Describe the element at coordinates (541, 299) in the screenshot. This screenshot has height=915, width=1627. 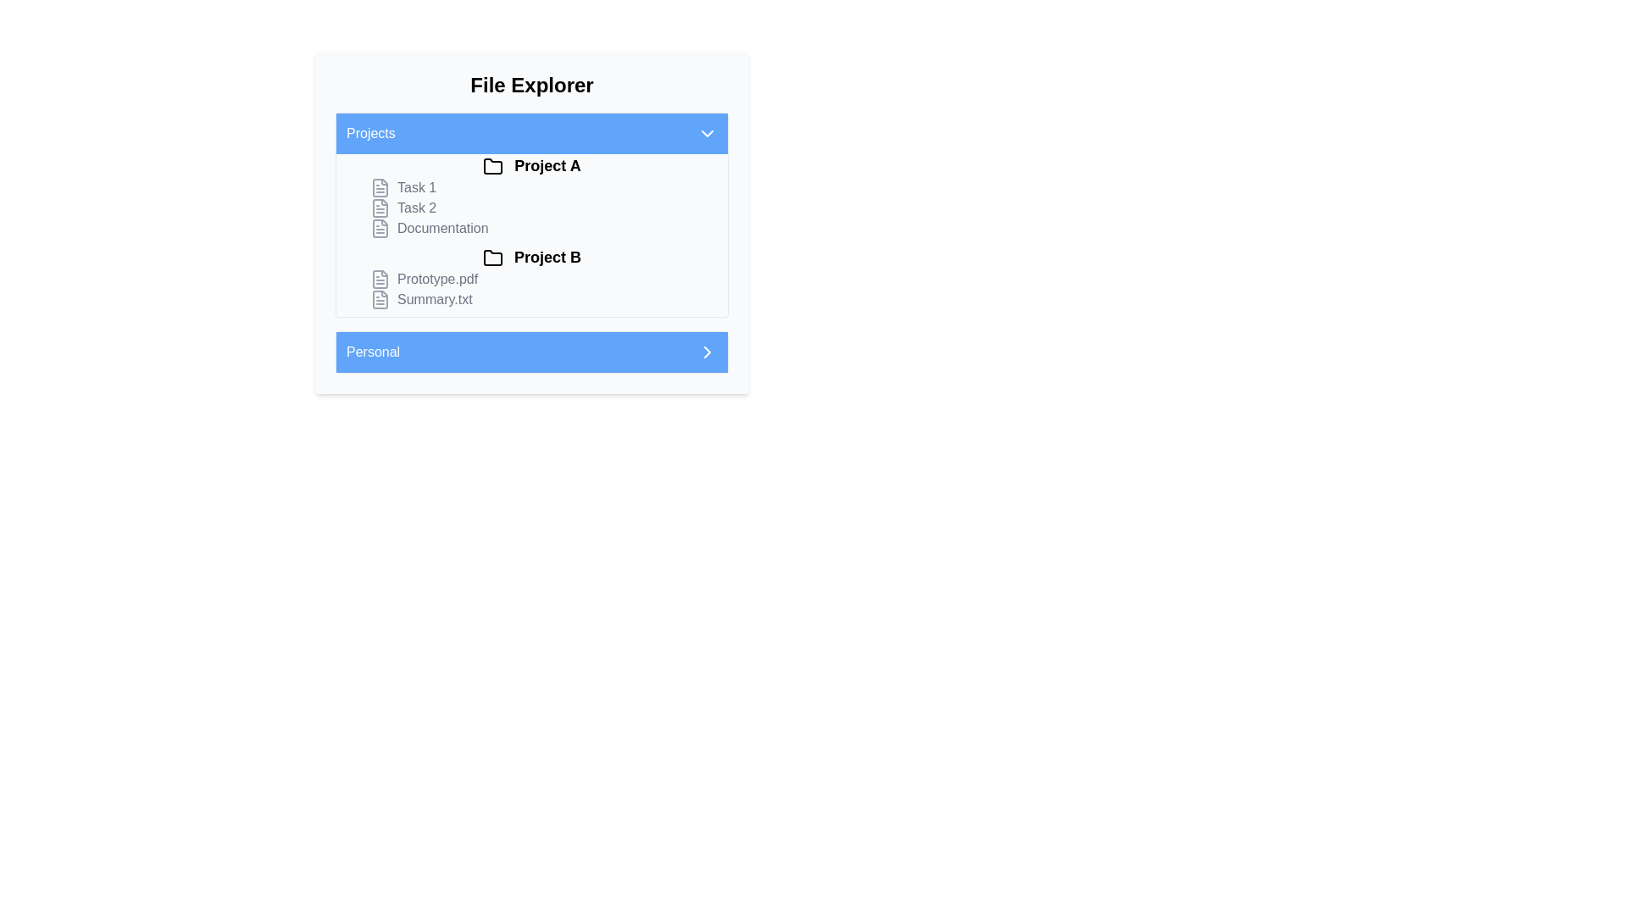
I see `the 'Summary.txt' file item under 'Project B' in the 'Projects' section` at that location.